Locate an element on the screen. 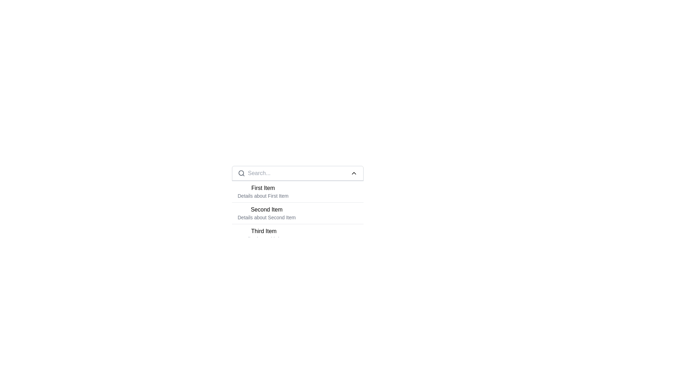 This screenshot has height=382, width=679. the heading text indicating the primary title of the second item in the list is located at coordinates (266, 209).